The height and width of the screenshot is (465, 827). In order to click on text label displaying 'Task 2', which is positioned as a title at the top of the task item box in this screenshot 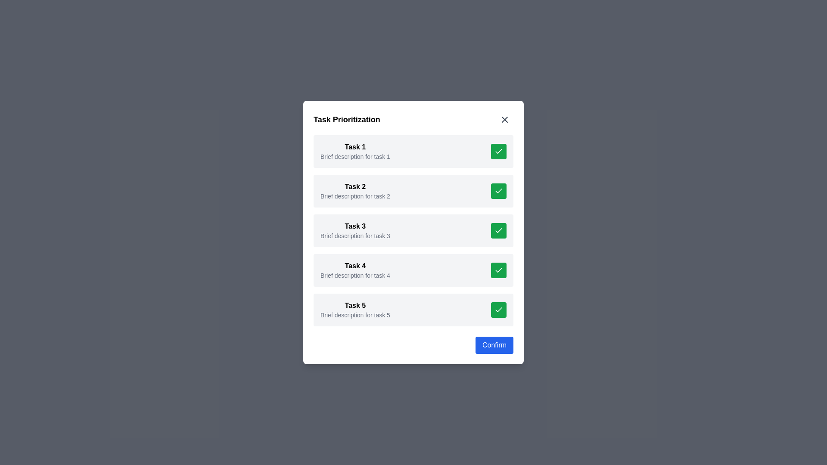, I will do `click(355, 186)`.